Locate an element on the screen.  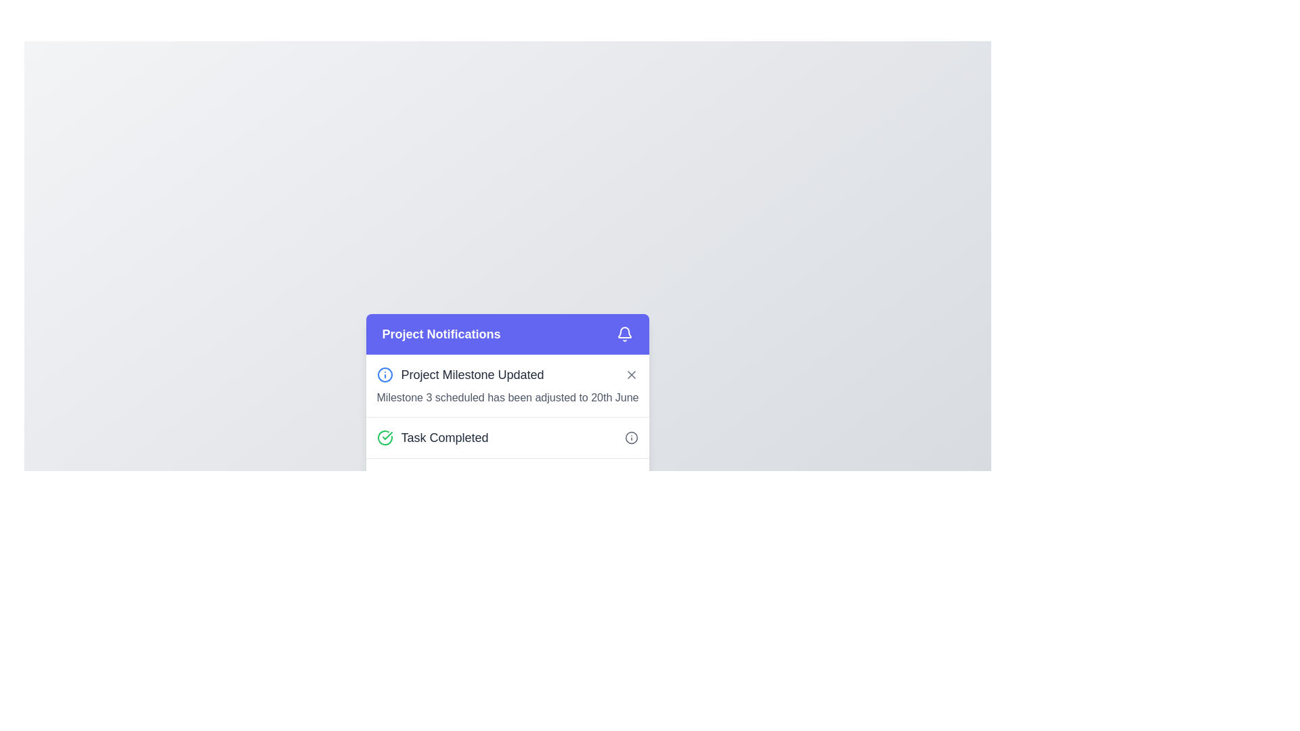
circular icon element within the SVG graphic located under the notification display area by clicking on its center is located at coordinates (384, 479).